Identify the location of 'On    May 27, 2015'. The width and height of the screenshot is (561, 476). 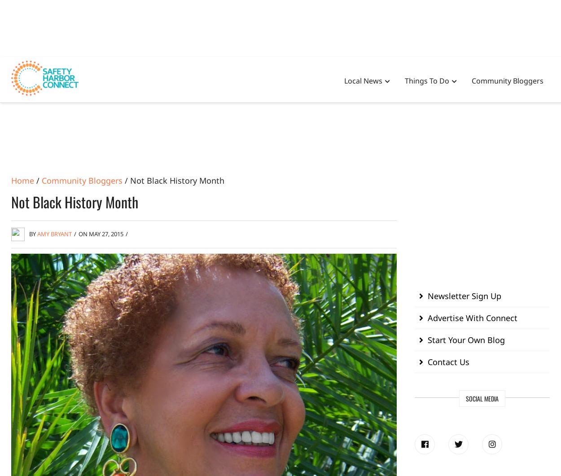
(101, 233).